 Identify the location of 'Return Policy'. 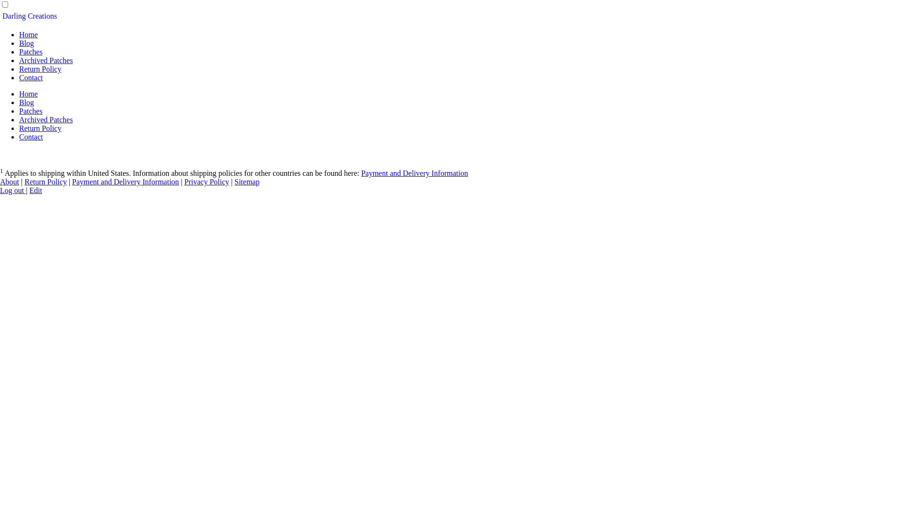
(24, 182).